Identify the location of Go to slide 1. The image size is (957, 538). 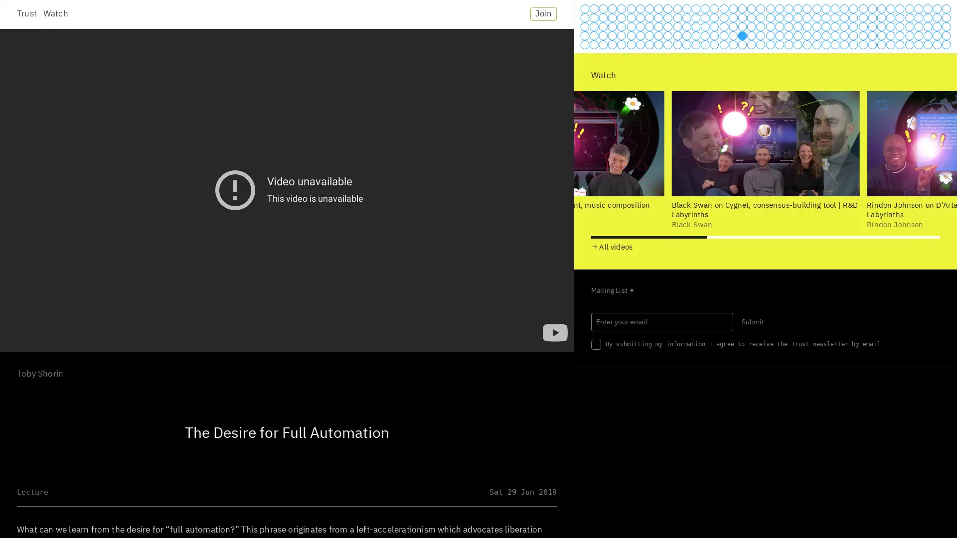
(649, 237).